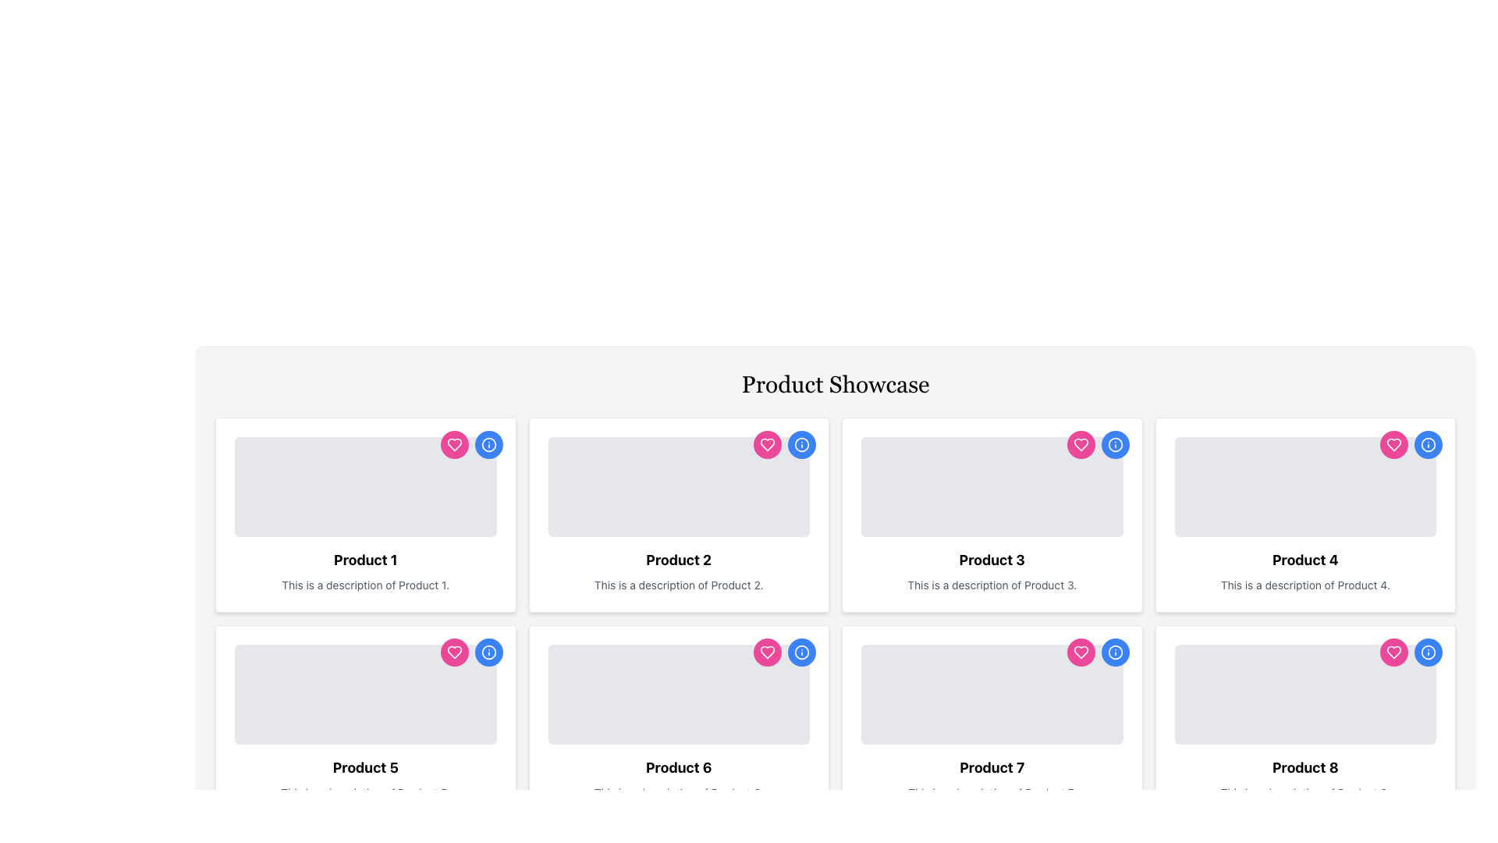 This screenshot has width=1498, height=843. Describe the element at coordinates (1428, 653) in the screenshot. I see `the circular button with a blue background and white outline, which contains an information icon ('i') in the center, located in the bottom-right corner of the card for 'Product 8'` at that location.